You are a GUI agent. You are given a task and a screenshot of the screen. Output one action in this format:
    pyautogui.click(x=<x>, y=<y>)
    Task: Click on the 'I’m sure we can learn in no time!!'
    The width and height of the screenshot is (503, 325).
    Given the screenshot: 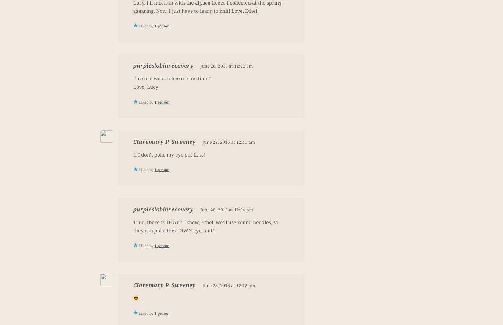 What is the action you would take?
    pyautogui.click(x=172, y=79)
    